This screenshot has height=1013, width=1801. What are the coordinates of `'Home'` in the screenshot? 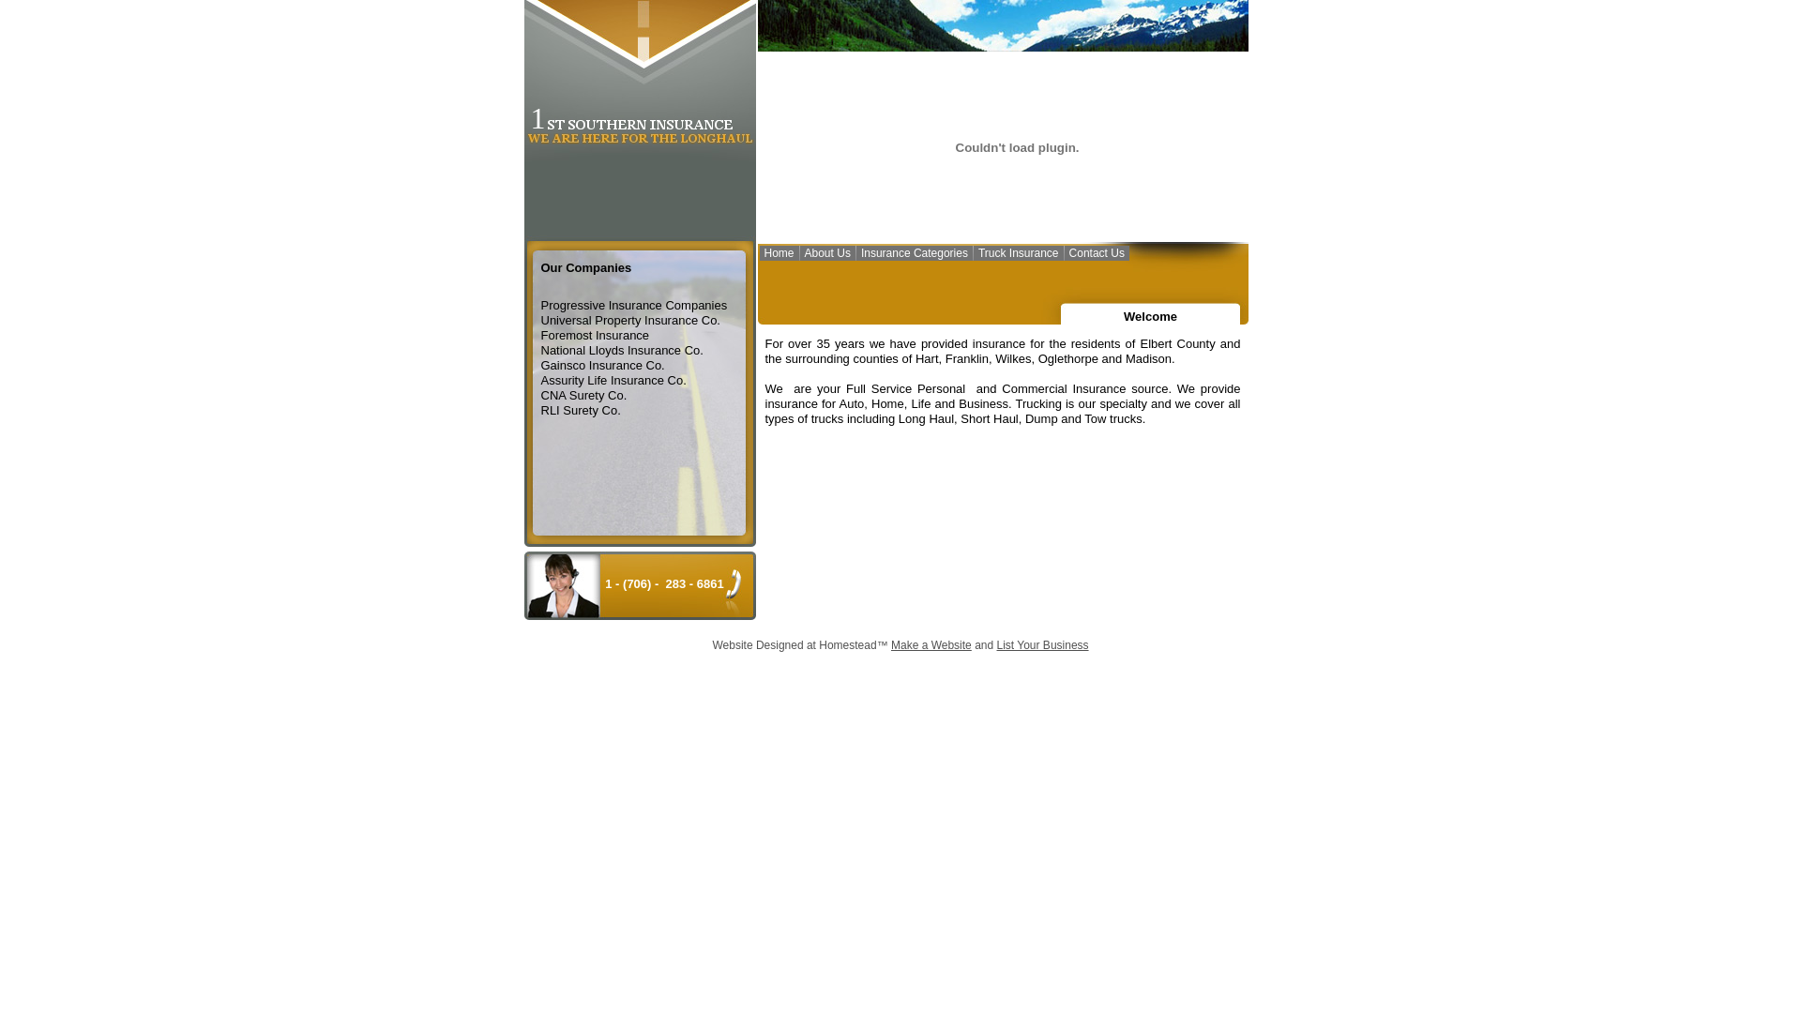 It's located at (779, 255).